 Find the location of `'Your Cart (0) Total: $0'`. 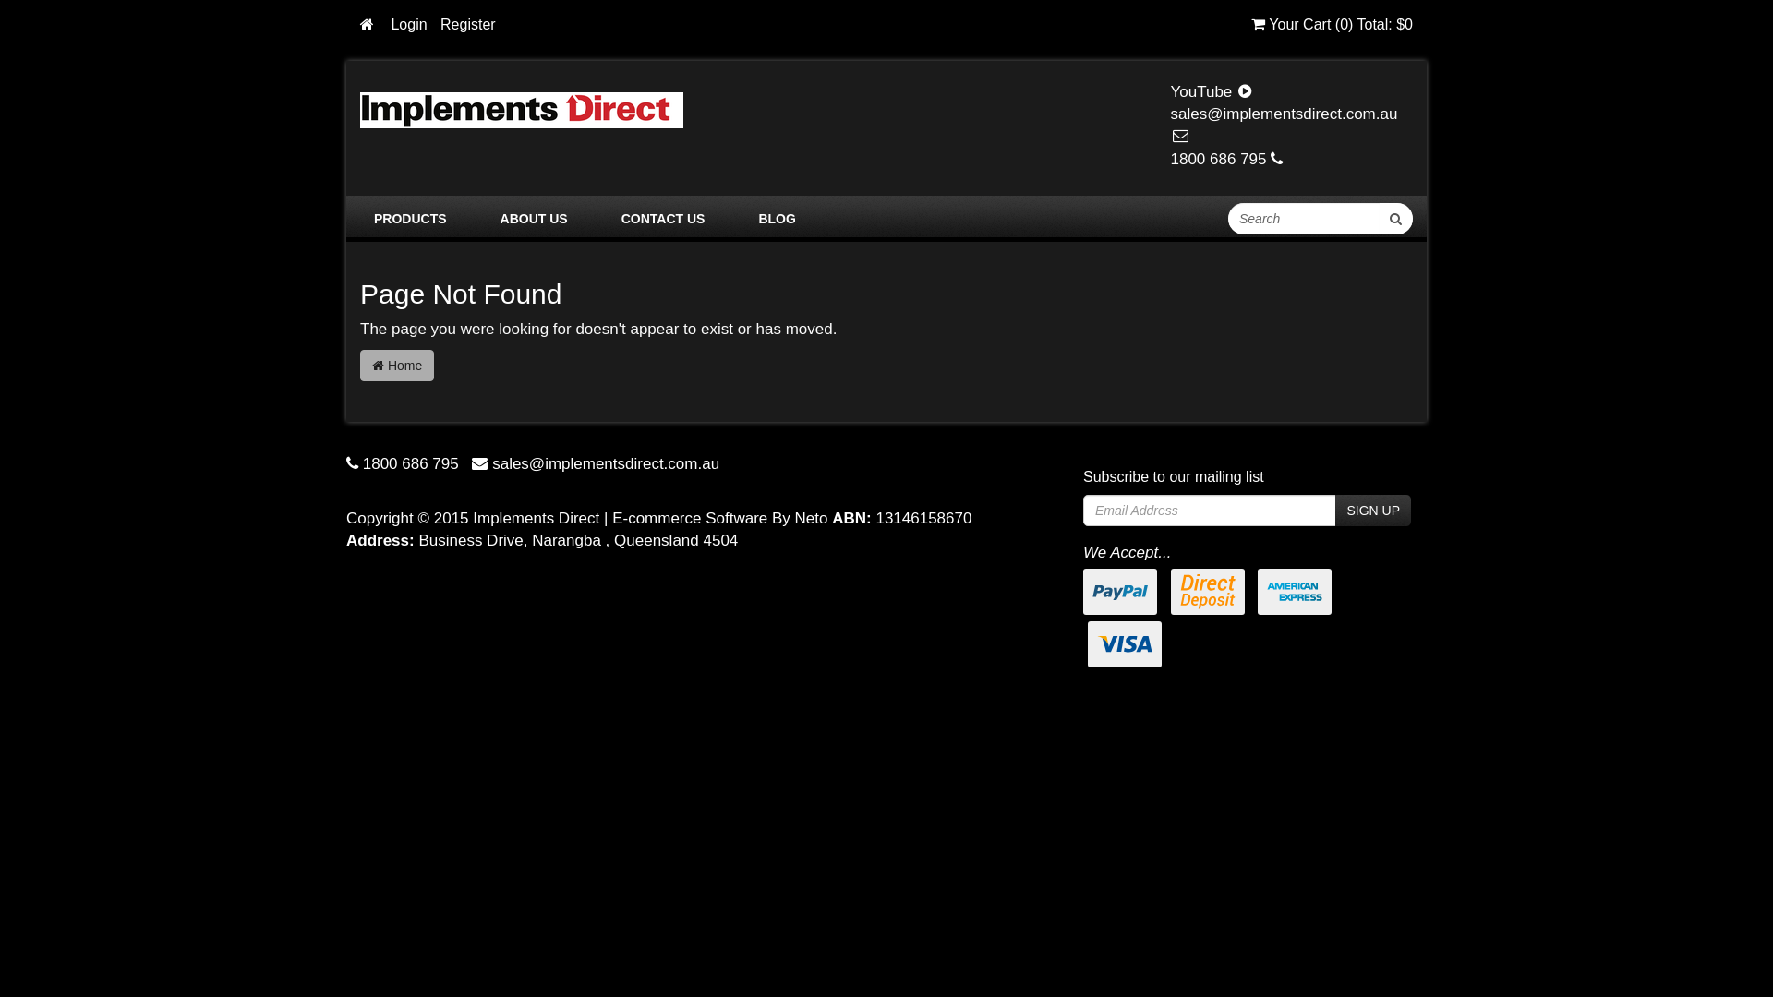

'Your Cart (0) Total: $0' is located at coordinates (1332, 24).